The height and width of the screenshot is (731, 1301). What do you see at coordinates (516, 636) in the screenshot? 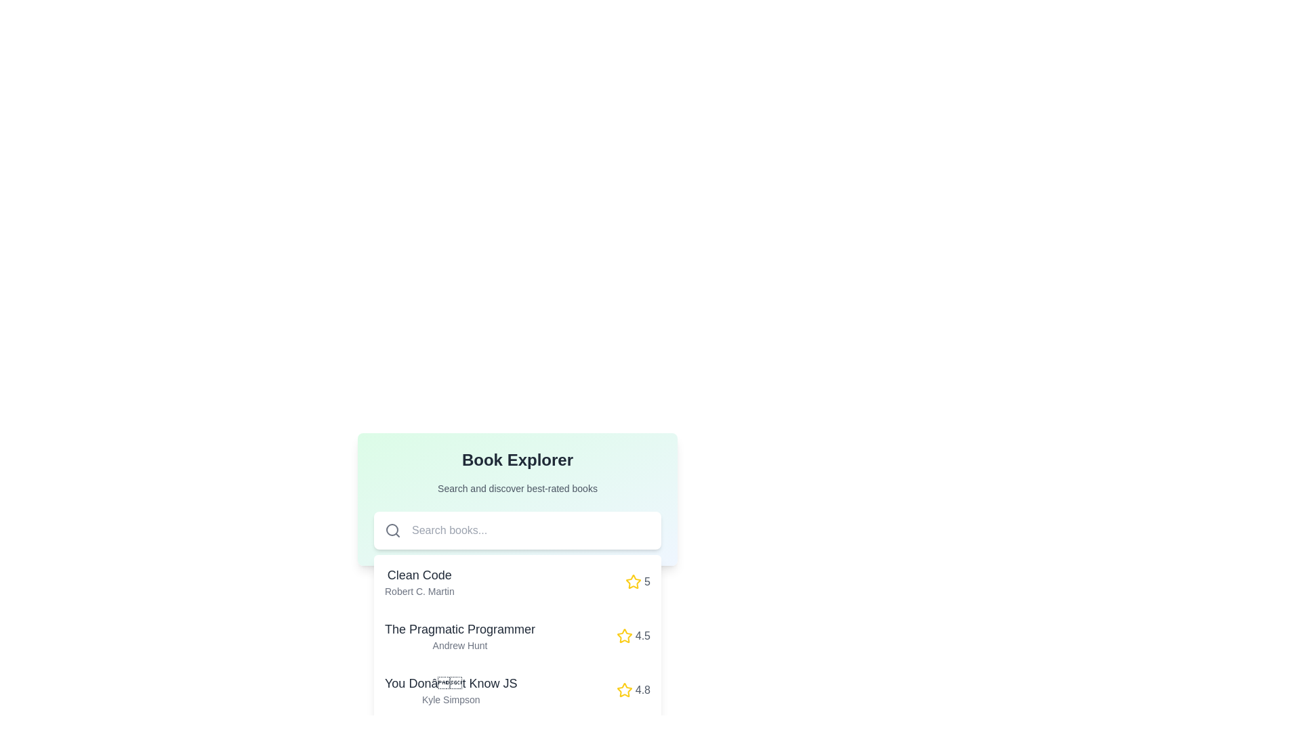
I see `to select the book entry in the book list located in the 'Book Explorer' section, positioned second under the search bar, directly below 'Clean Code'` at bounding box center [516, 636].